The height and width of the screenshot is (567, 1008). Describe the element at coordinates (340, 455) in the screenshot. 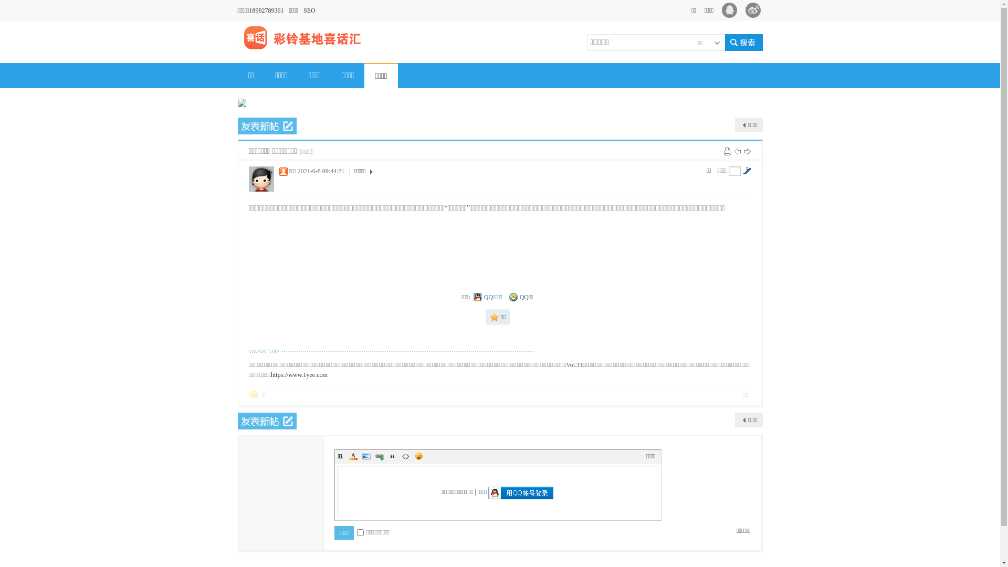

I see `'B'` at that location.